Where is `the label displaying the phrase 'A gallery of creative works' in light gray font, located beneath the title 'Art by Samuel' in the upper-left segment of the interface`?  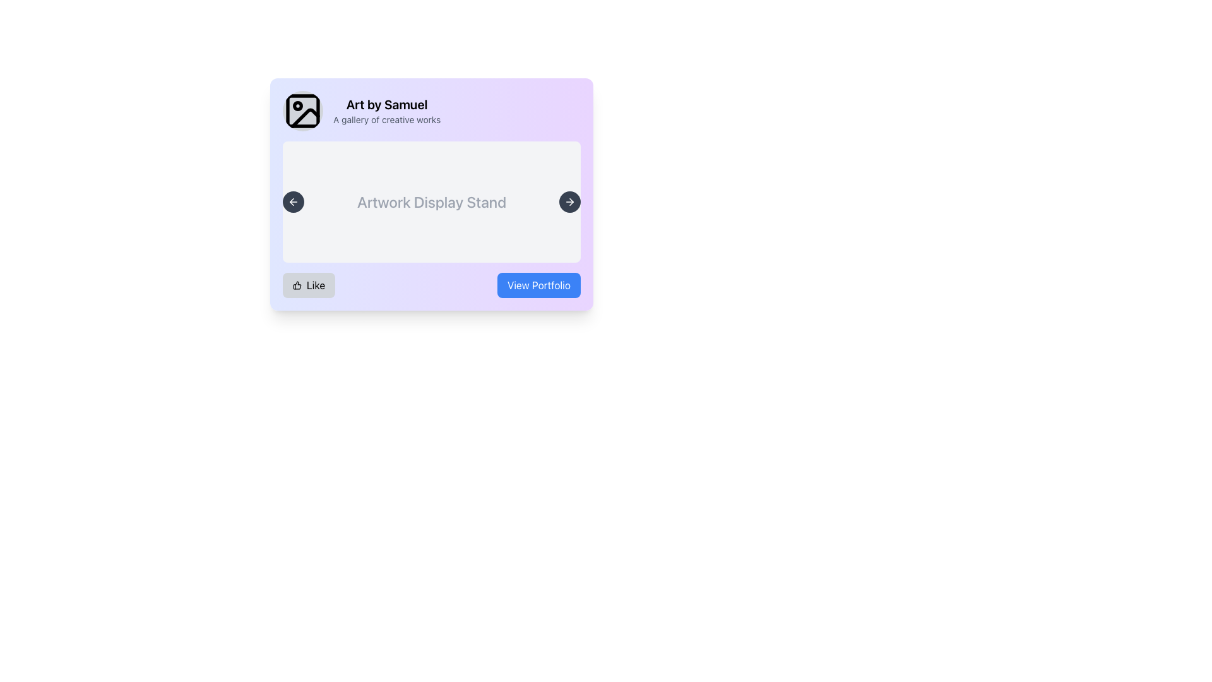 the label displaying the phrase 'A gallery of creative works' in light gray font, located beneath the title 'Art by Samuel' in the upper-left segment of the interface is located at coordinates (386, 119).